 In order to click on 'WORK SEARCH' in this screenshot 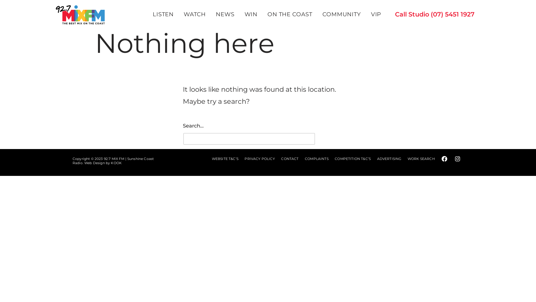, I will do `click(421, 159)`.